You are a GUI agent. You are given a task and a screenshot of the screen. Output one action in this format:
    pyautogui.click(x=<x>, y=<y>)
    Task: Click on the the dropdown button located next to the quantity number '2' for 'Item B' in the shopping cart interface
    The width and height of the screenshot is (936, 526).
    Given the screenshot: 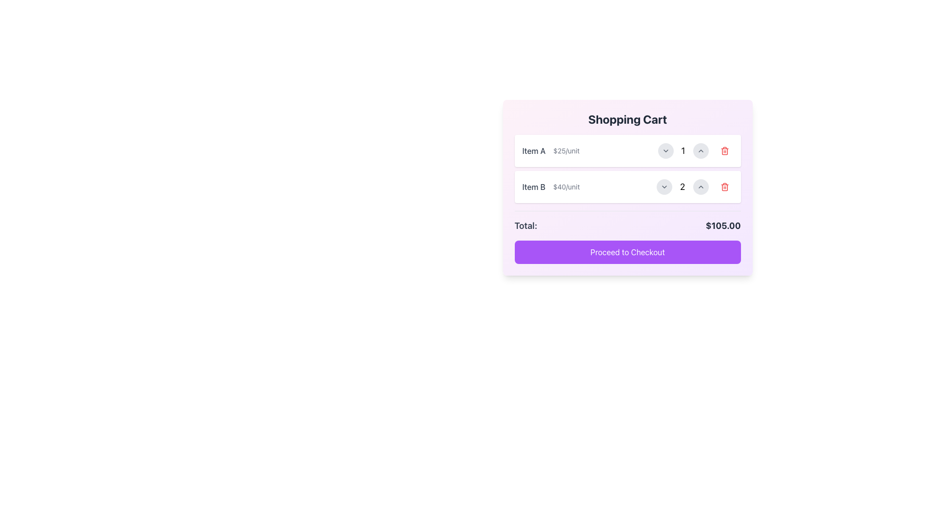 What is the action you would take?
    pyautogui.click(x=664, y=187)
    